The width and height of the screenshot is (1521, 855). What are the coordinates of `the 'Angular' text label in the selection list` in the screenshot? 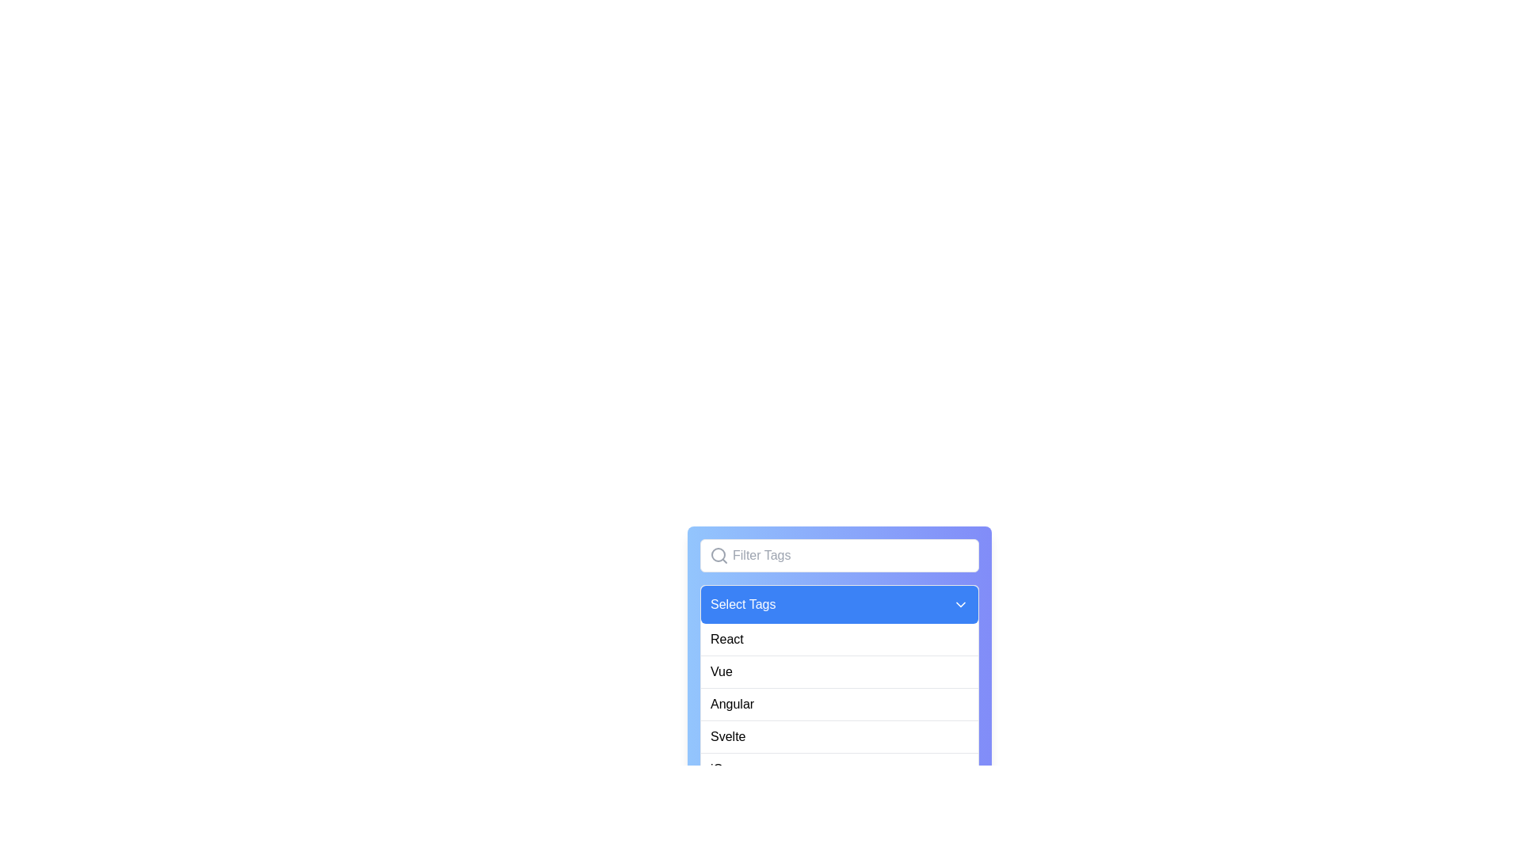 It's located at (731, 704).